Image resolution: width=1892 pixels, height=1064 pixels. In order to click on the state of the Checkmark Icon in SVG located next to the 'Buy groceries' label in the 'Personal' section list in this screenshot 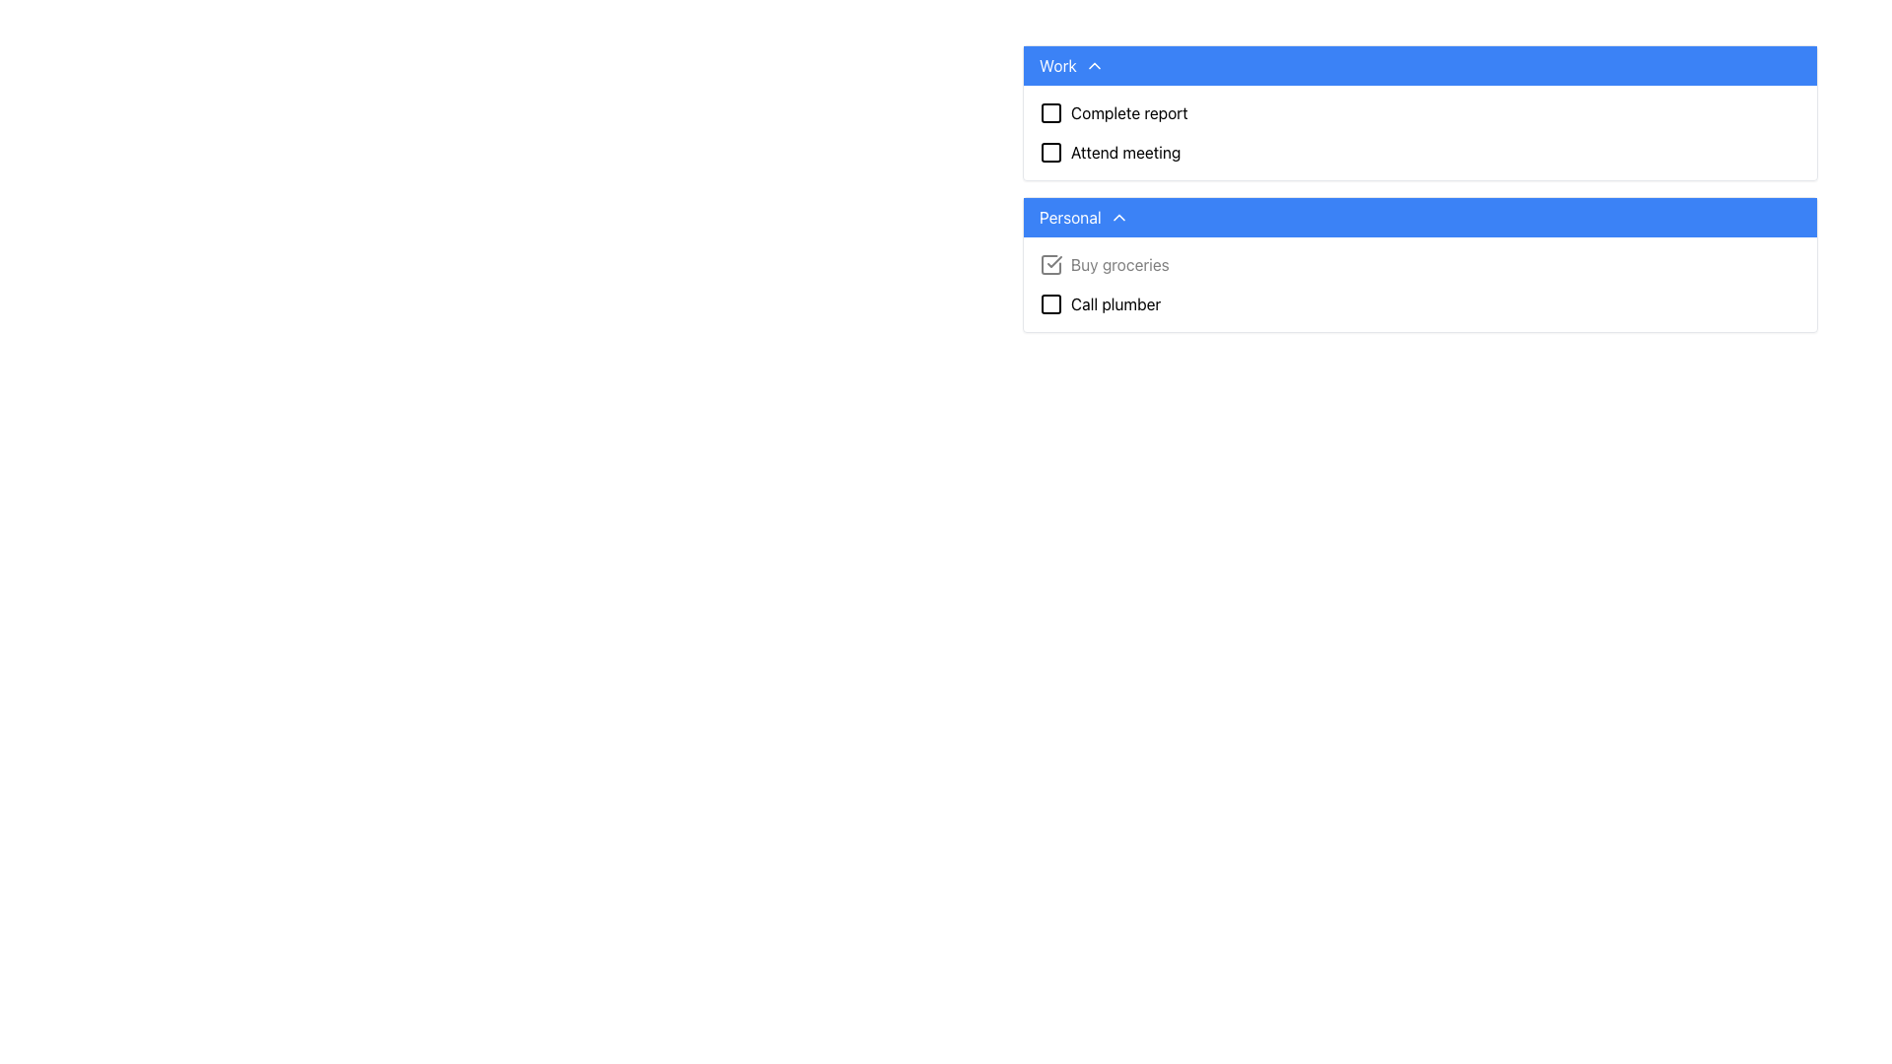, I will do `click(1053, 261)`.